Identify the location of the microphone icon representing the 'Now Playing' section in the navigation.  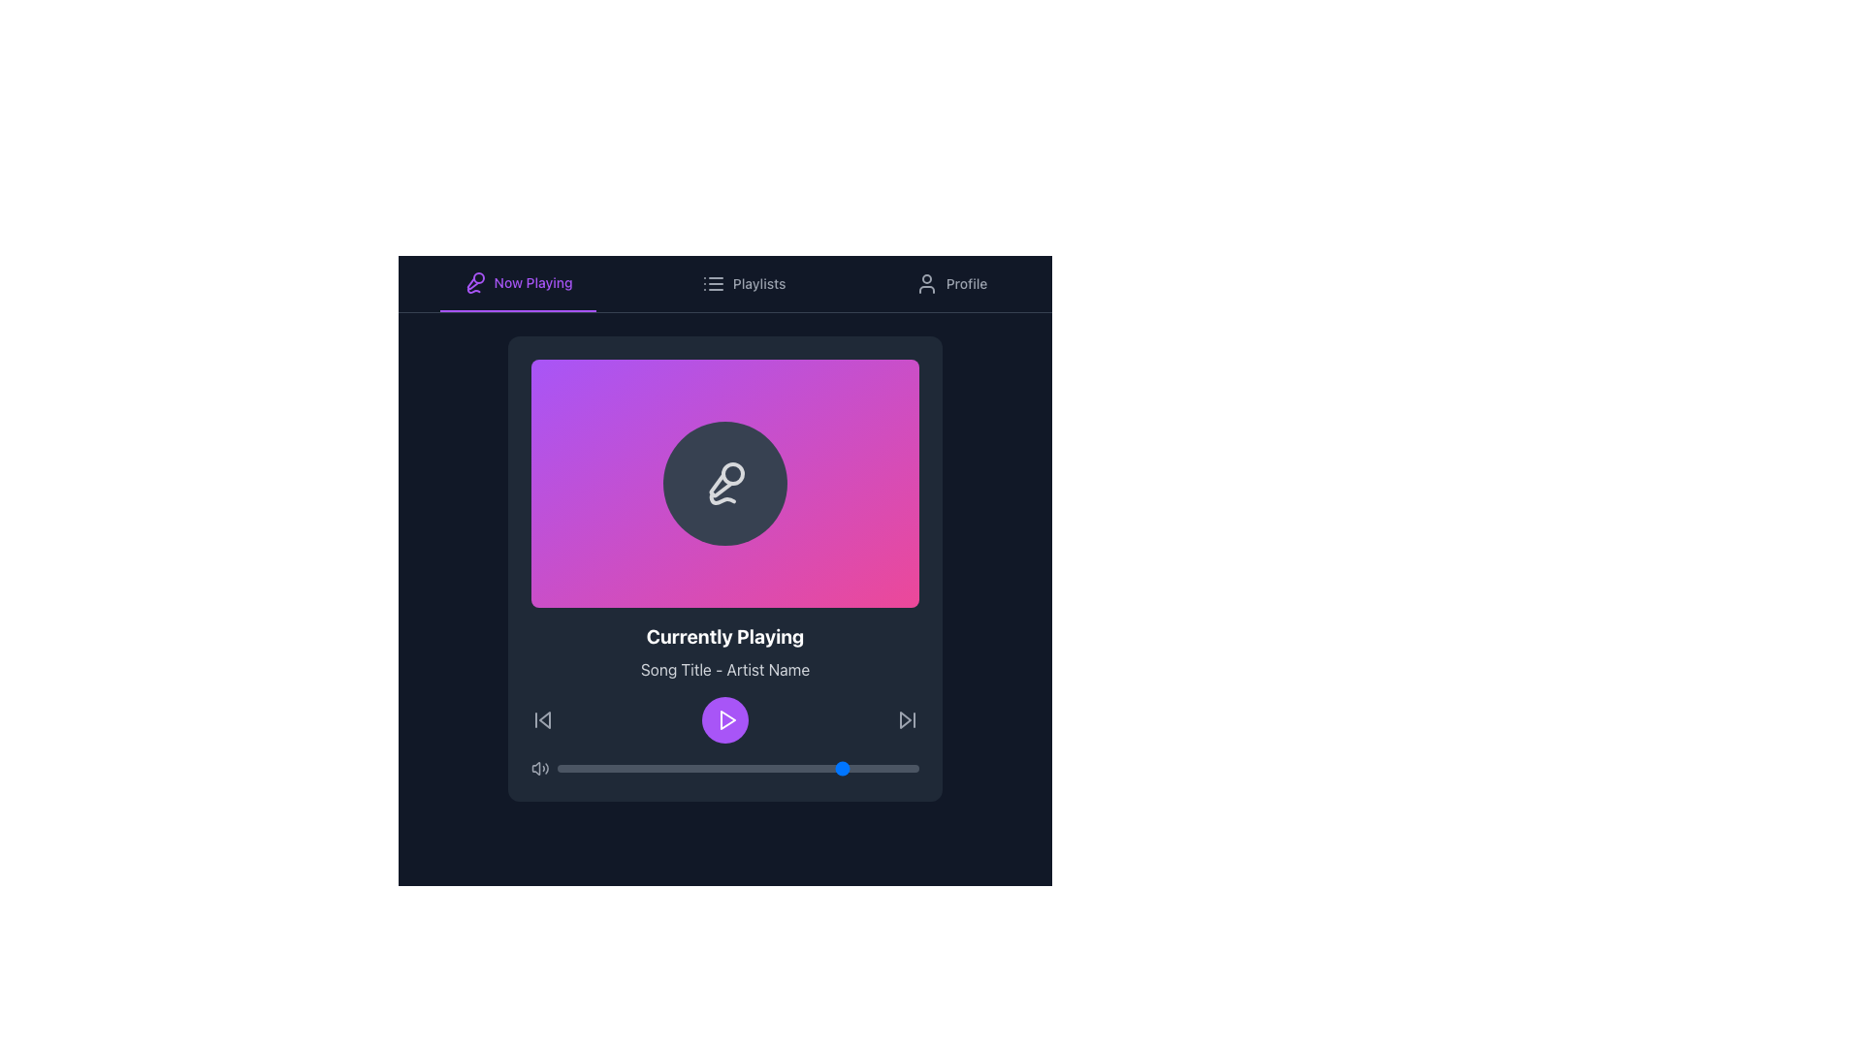
(474, 283).